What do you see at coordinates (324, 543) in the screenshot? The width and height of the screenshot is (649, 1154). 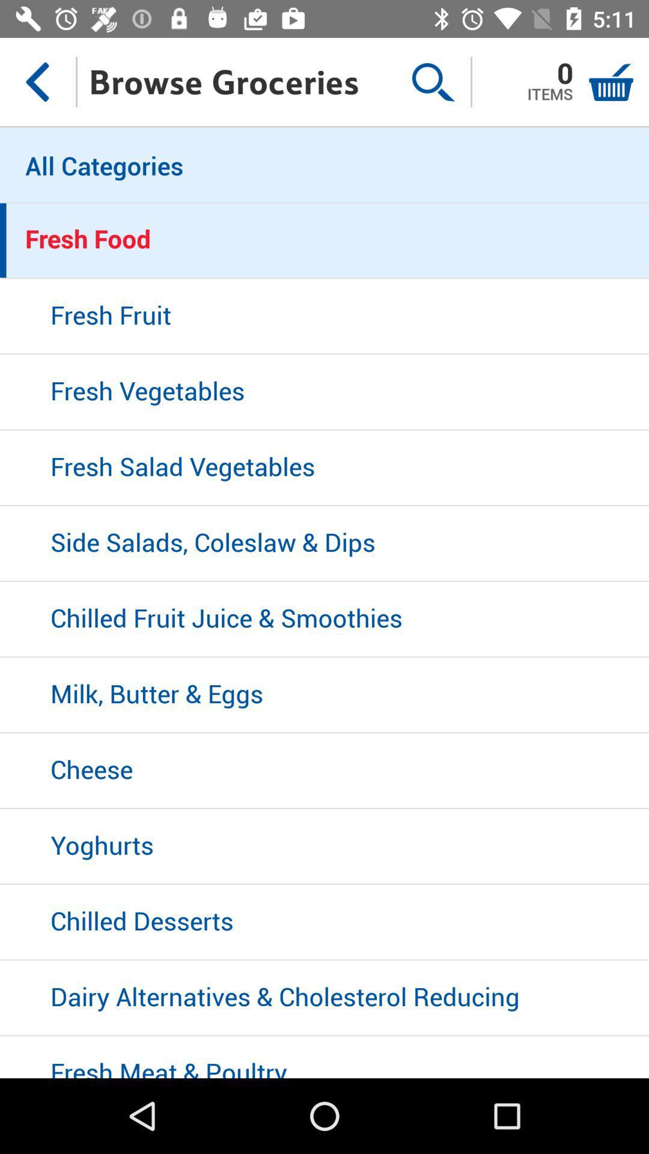 I see `side salads coleslaw item` at bounding box center [324, 543].